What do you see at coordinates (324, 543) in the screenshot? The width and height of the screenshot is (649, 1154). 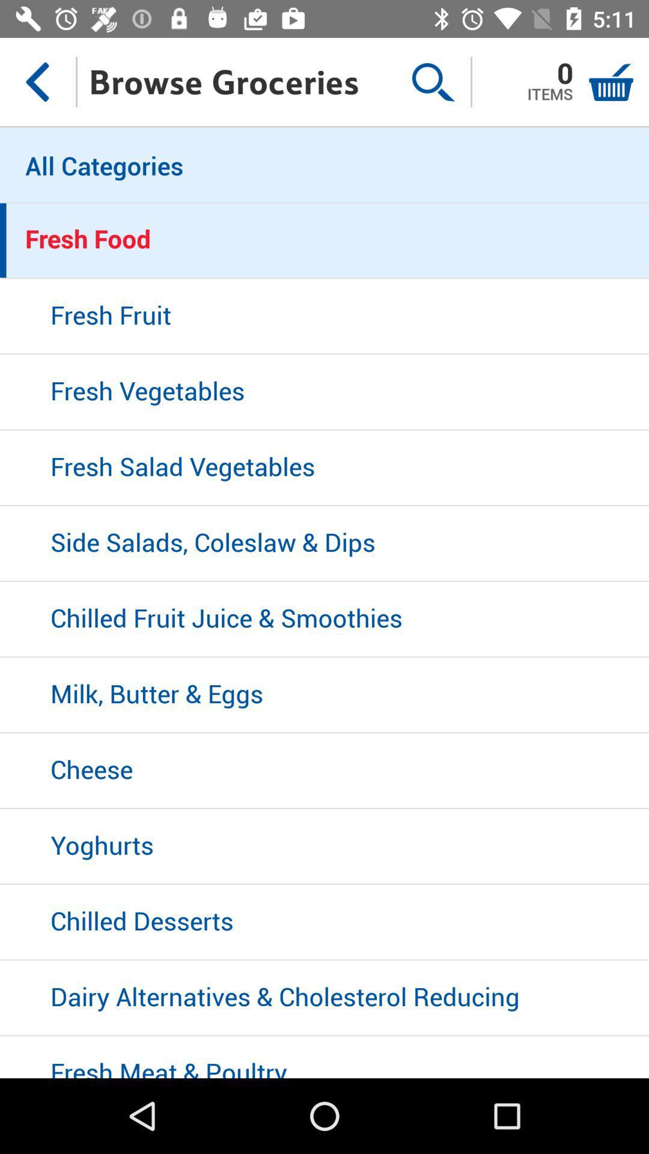 I see `side salads coleslaw item` at bounding box center [324, 543].